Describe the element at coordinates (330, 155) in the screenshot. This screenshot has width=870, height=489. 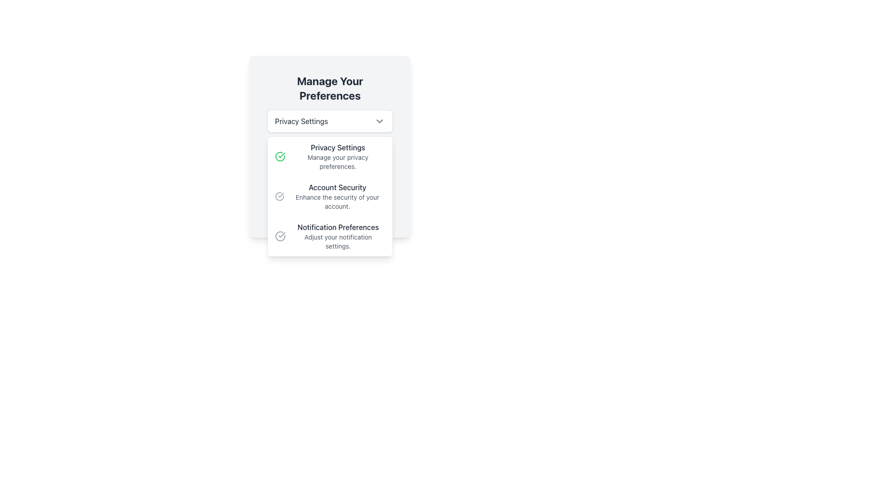
I see `the text label 'Current Selection:' which serves as a heading for the current selection context in the preferences selection interface` at that location.